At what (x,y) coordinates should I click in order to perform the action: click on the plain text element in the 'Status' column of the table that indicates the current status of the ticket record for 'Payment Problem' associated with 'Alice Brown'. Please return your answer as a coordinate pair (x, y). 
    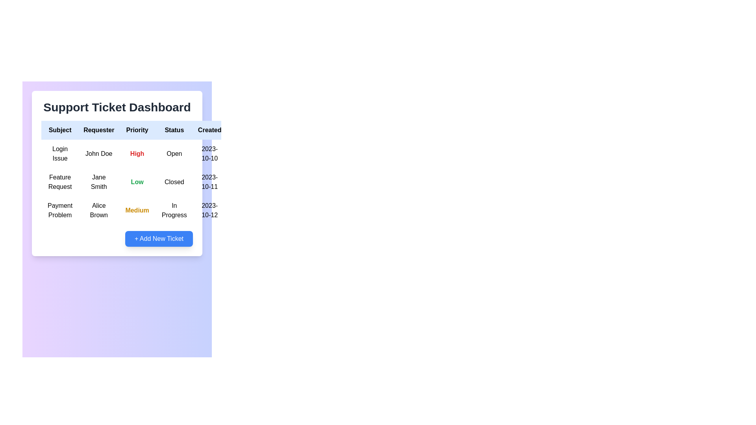
    Looking at the image, I should click on (174, 210).